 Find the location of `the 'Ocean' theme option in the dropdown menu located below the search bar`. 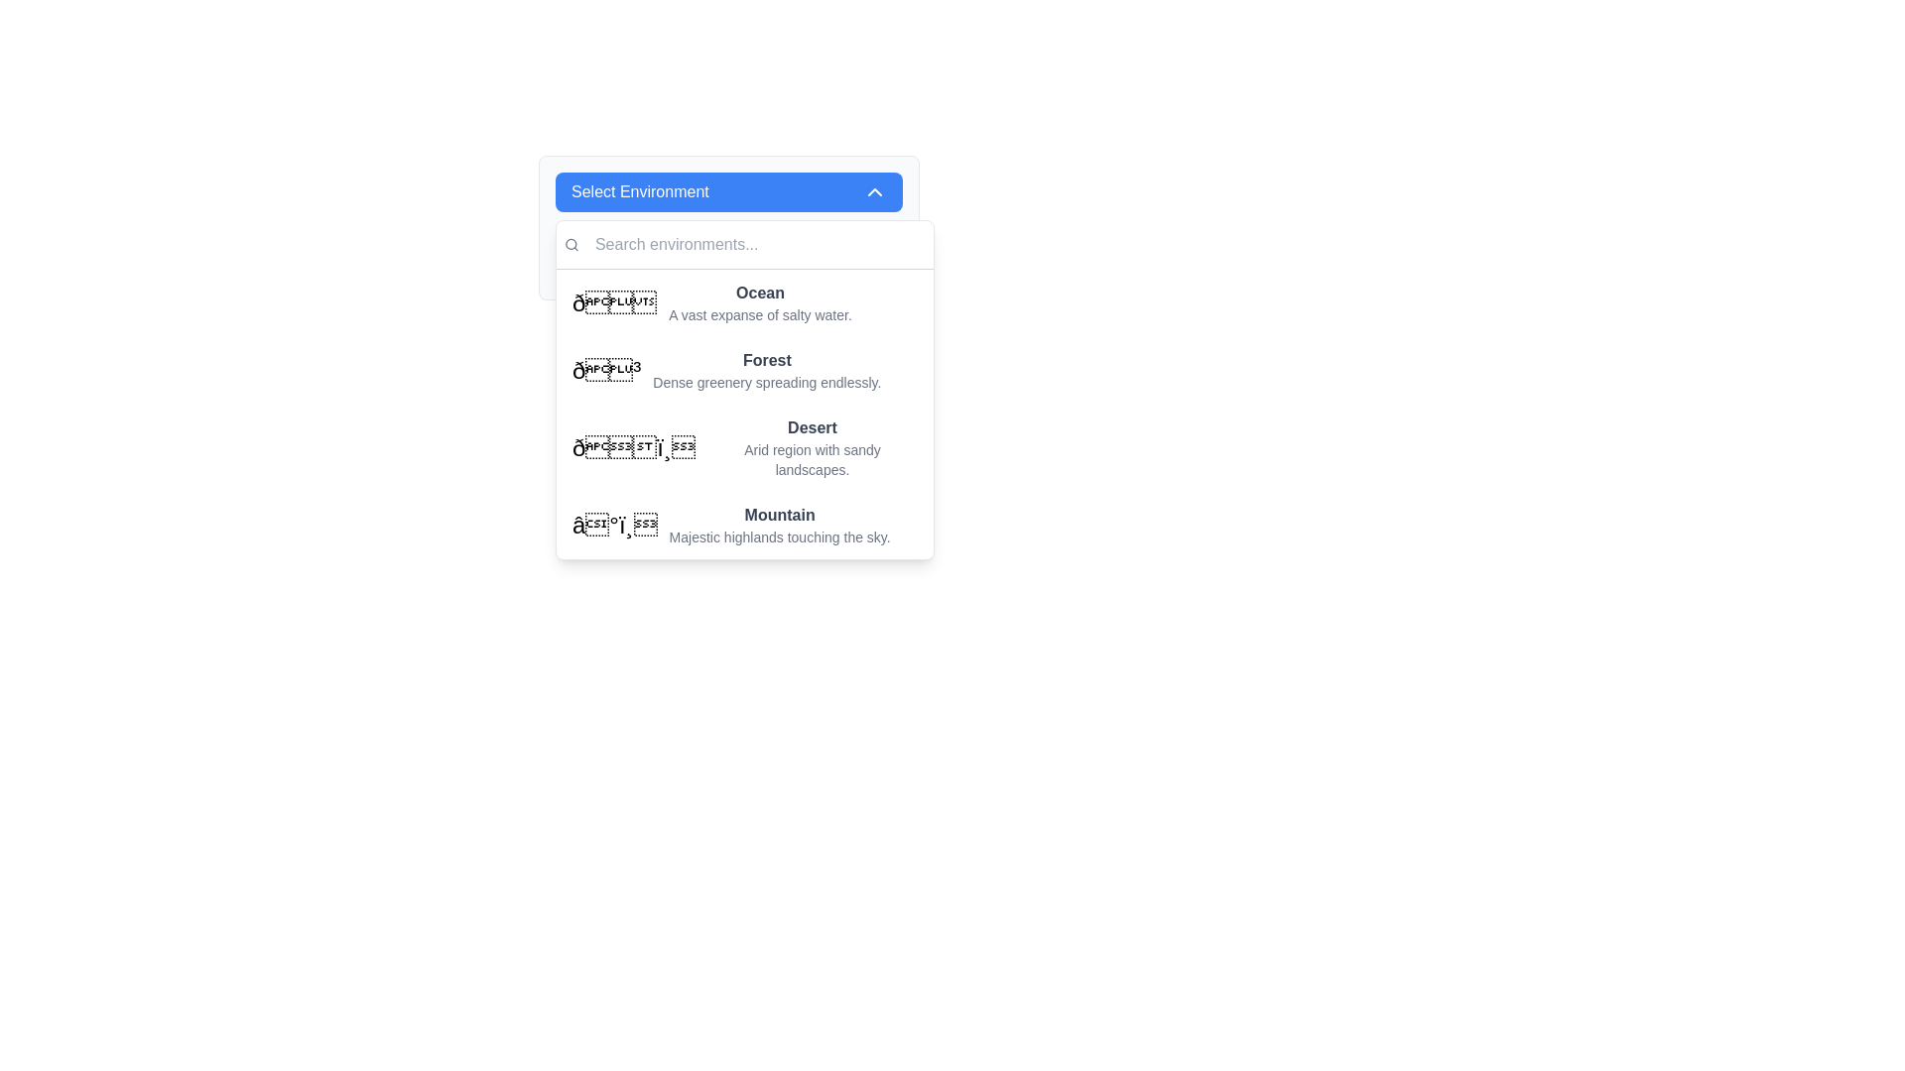

the 'Ocean' theme option in the dropdown menu located below the search bar is located at coordinates (743, 302).